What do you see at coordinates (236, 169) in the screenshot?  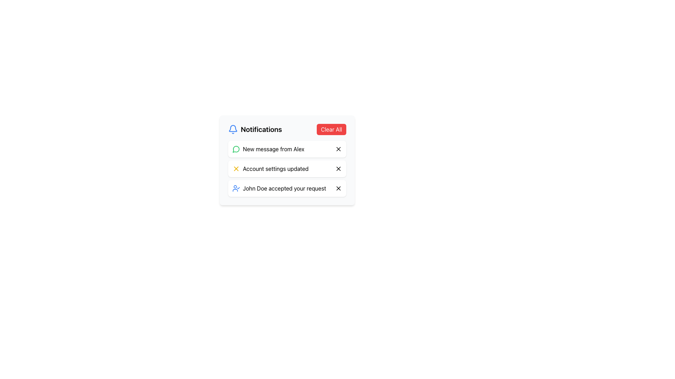 I see `the close icon` at bounding box center [236, 169].